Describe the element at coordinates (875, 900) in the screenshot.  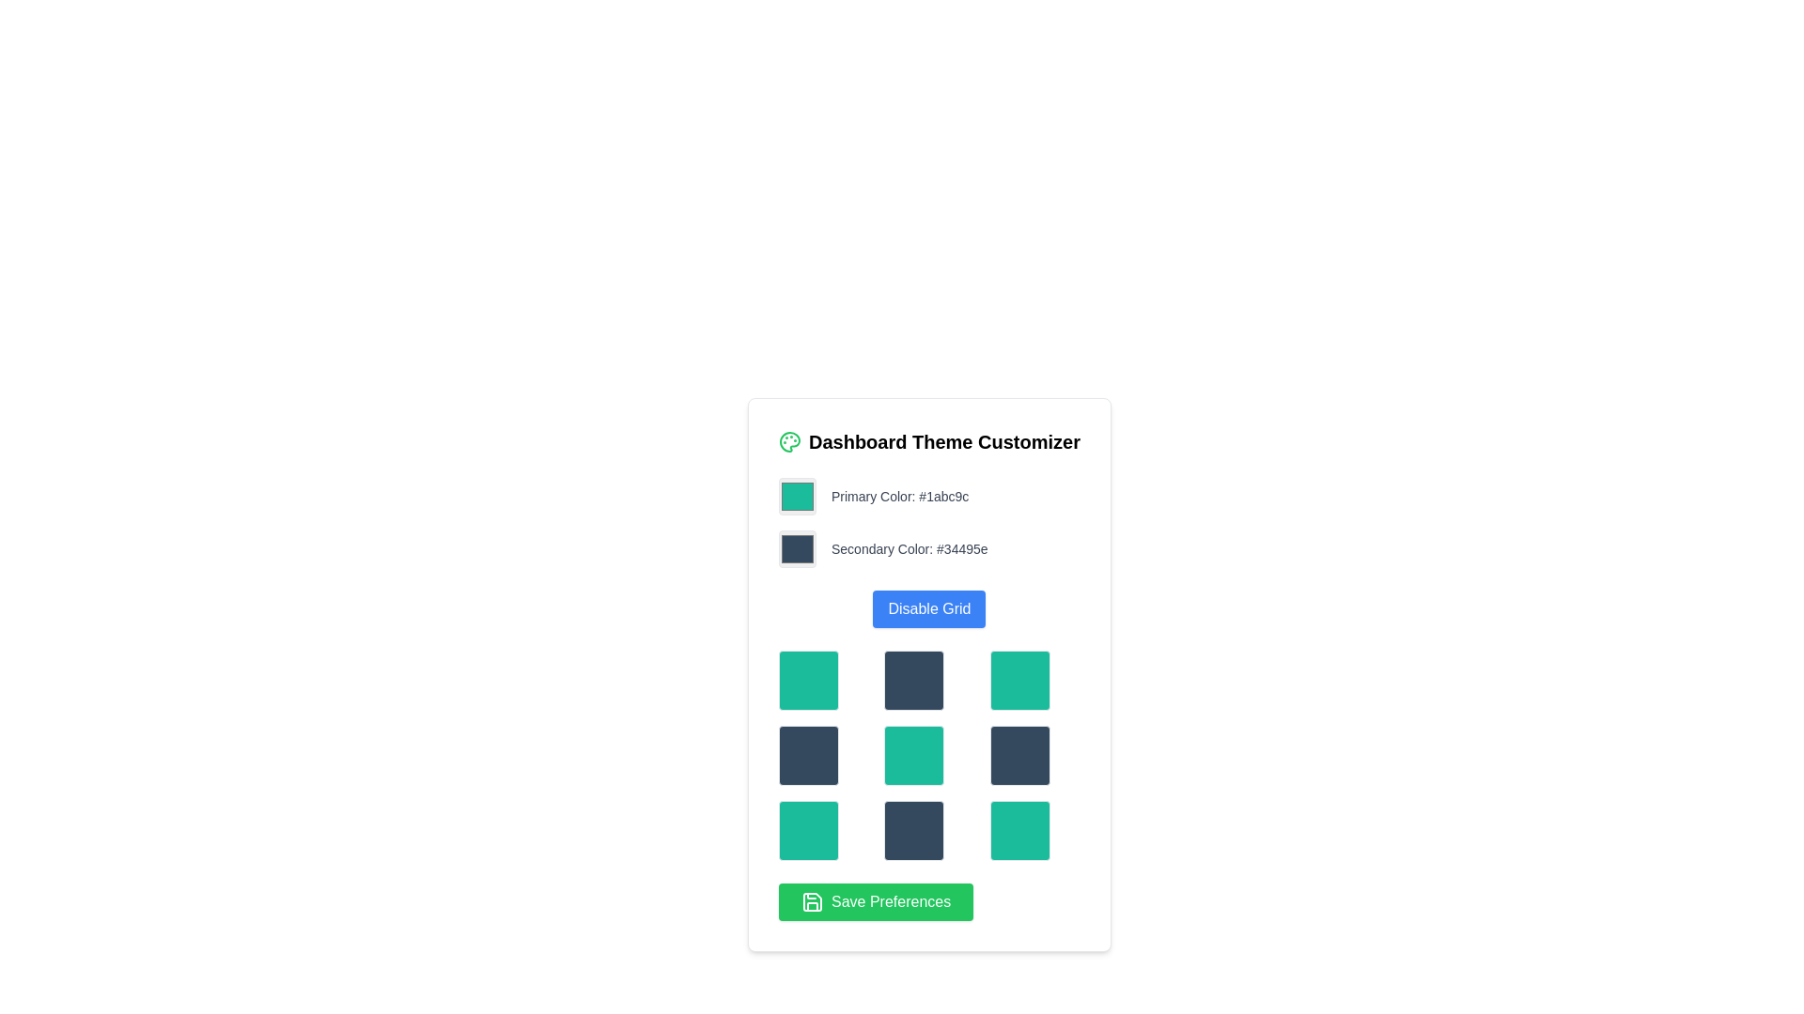
I see `the 'Save Preferences' button with a bright green background and a floppy disk icon, located at the bottom of the 'Dashboard Theme Customizer' modal` at that location.